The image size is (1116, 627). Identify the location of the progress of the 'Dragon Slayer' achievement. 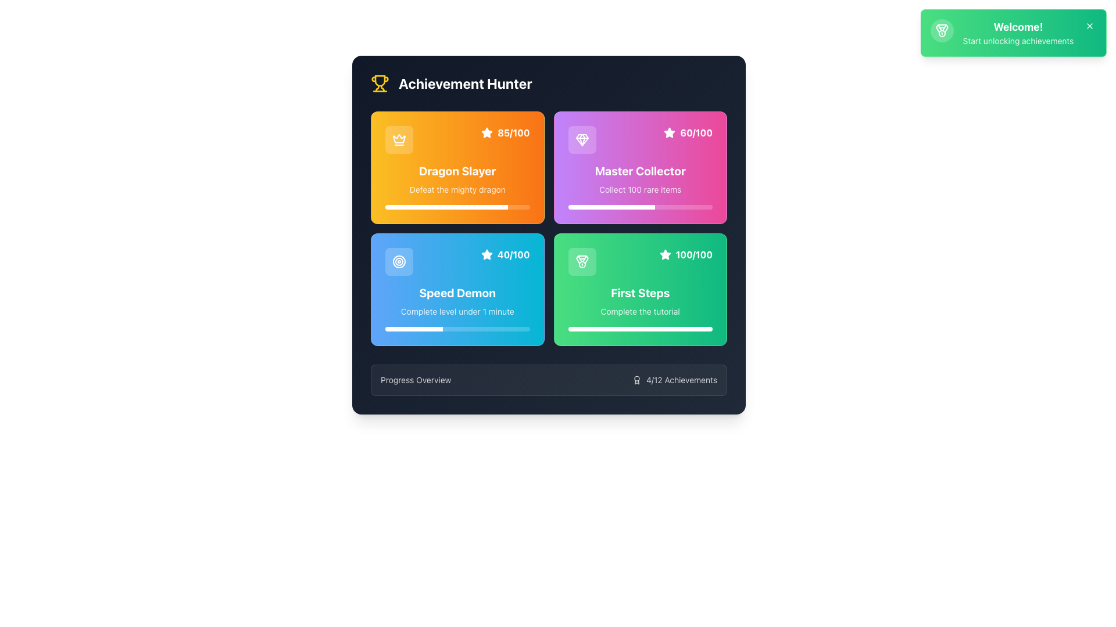
(399, 207).